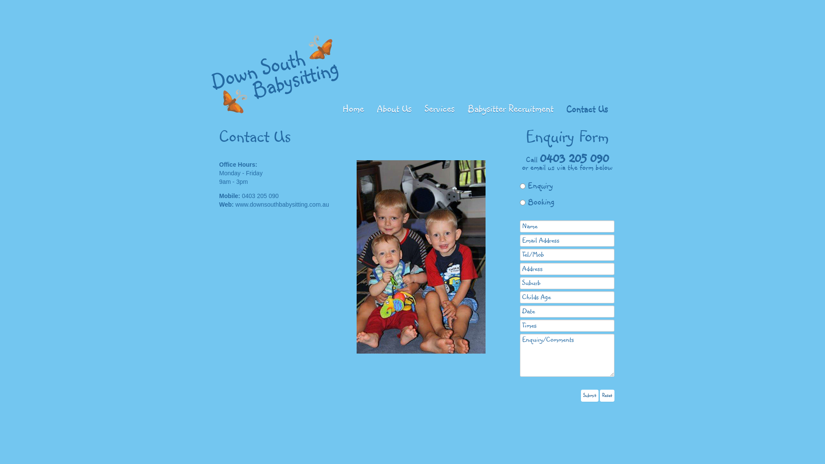  What do you see at coordinates (510, 109) in the screenshot?
I see `'Babysitter Recruitment'` at bounding box center [510, 109].